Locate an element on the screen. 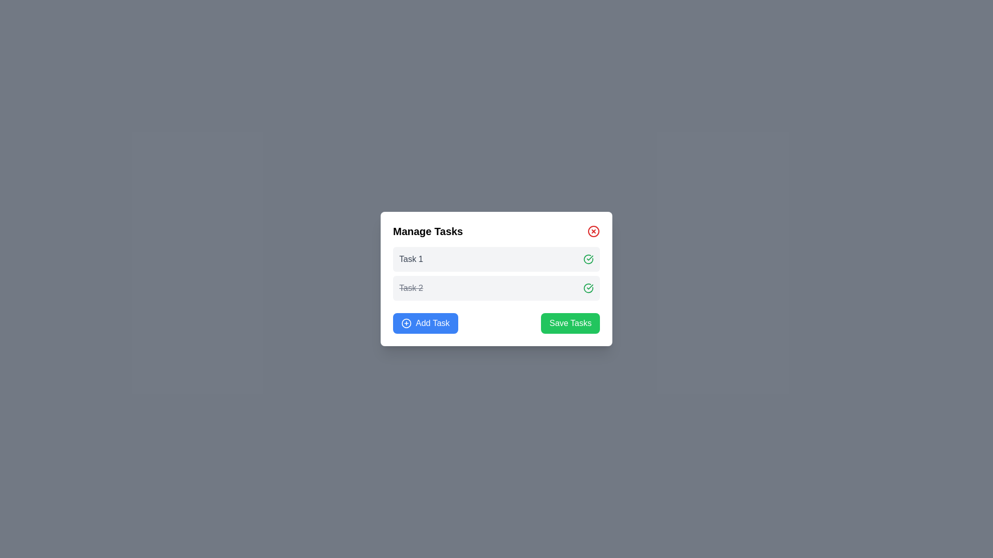 The image size is (993, 558). the blue circular icon featuring a plus sign in the center, which is located inside the button labeled 'Add Task' in the lower left of the dialog box is located at coordinates (406, 322).